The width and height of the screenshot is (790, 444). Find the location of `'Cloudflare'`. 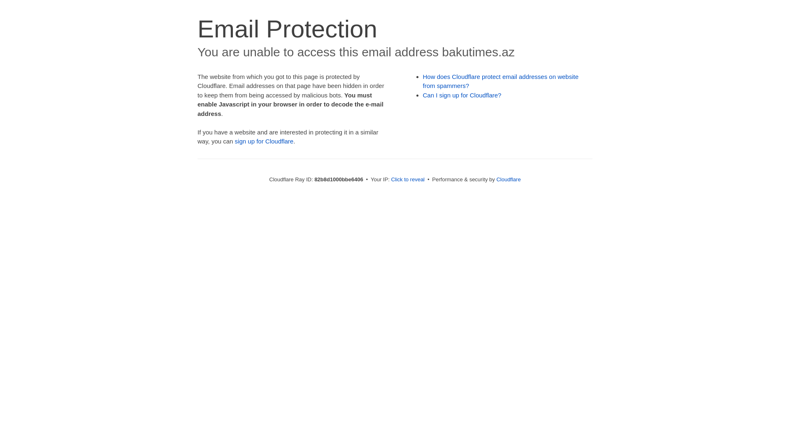

'Cloudflare' is located at coordinates (508, 179).